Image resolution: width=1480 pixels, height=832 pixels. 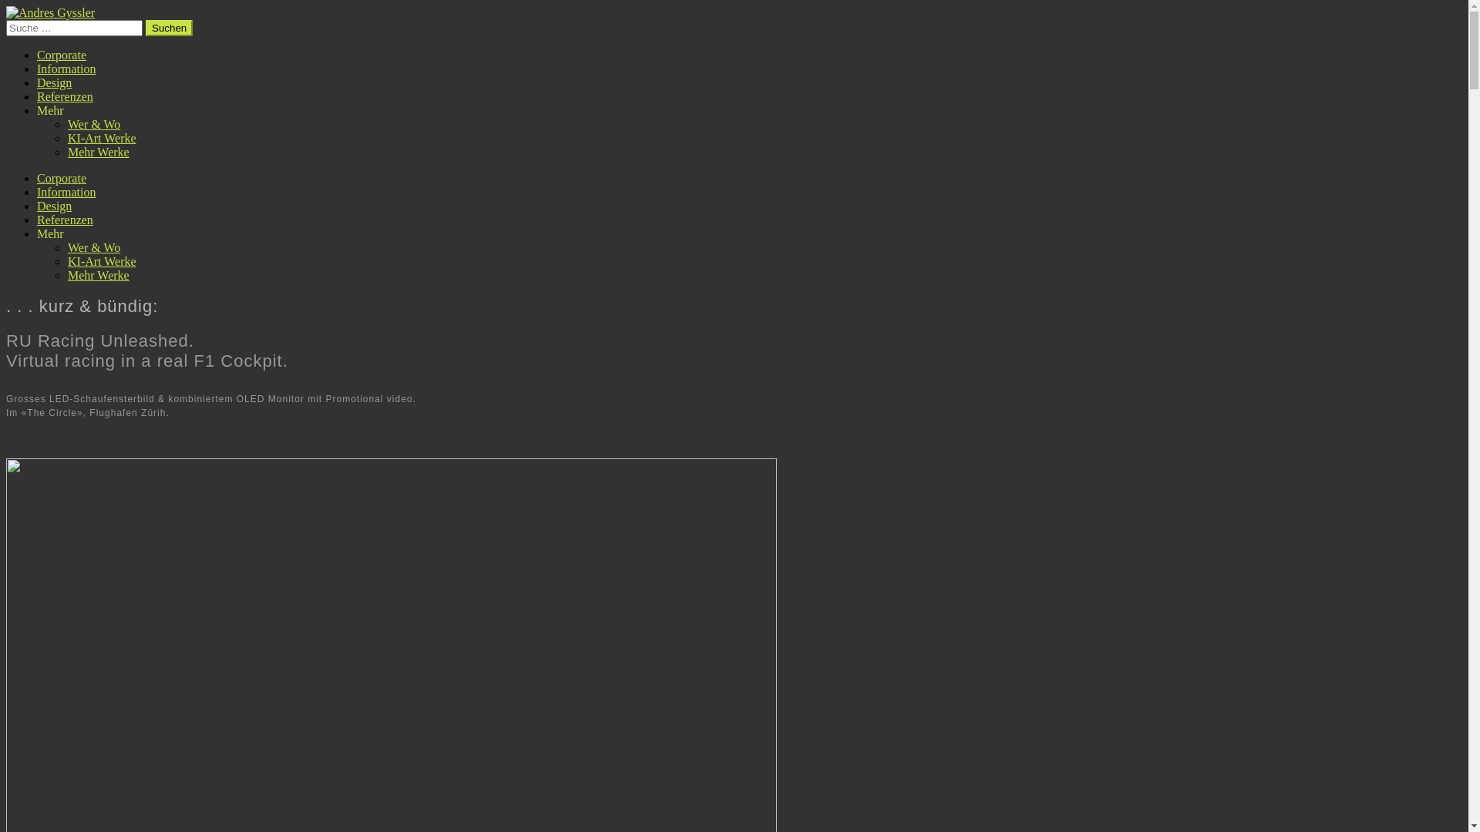 I want to click on 'Design', so click(x=54, y=82).